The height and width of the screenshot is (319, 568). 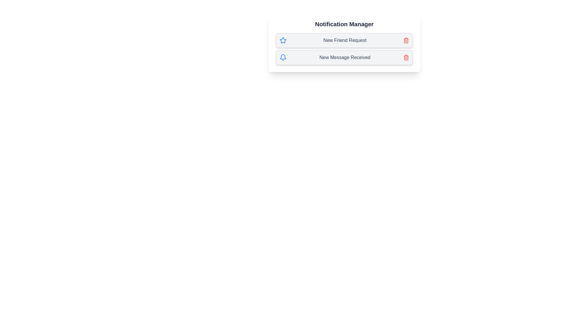 I want to click on the notification New Friend Request to view hover effects, so click(x=344, y=40).